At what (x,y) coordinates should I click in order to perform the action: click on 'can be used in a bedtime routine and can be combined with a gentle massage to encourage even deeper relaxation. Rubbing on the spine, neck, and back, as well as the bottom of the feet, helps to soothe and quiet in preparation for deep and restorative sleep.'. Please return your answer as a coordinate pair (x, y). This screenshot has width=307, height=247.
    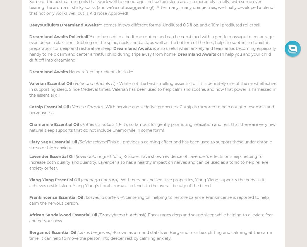
    Looking at the image, I should click on (151, 42).